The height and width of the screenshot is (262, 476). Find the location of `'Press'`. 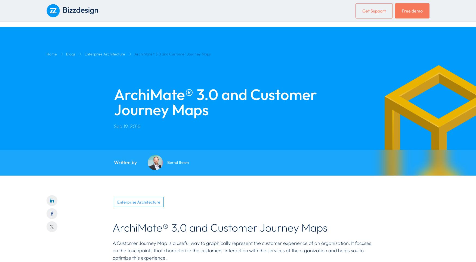

'Press' is located at coordinates (52, 121).